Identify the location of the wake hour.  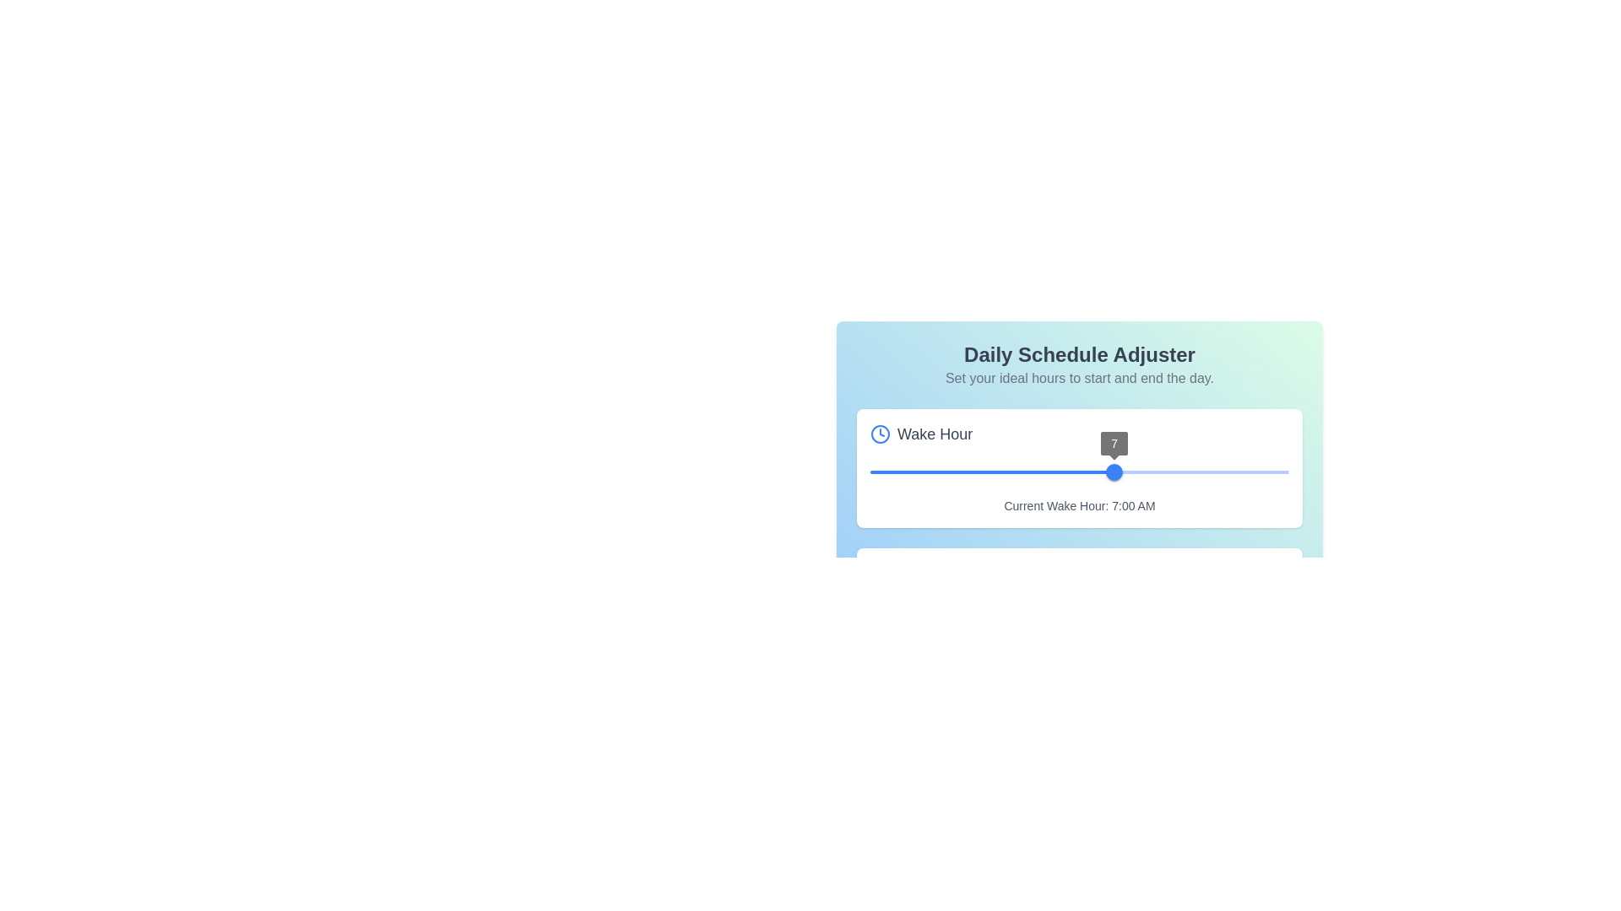
(1078, 472).